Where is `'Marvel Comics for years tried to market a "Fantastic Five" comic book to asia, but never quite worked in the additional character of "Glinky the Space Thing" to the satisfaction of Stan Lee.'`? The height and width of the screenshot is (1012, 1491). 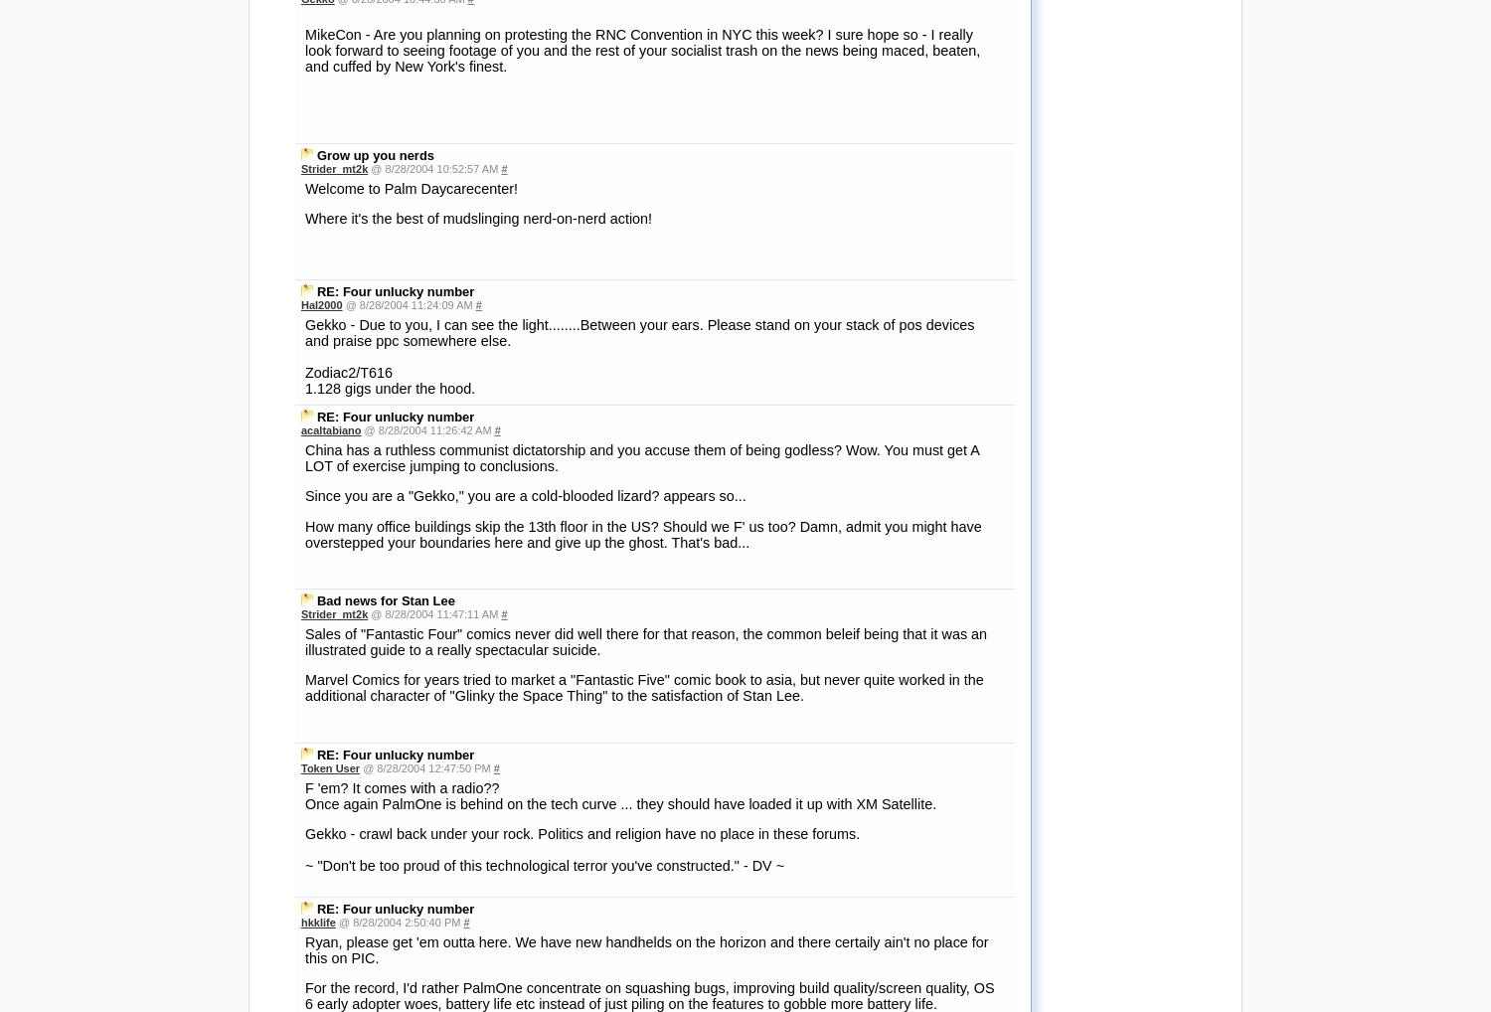 'Marvel Comics for years tried to market a "Fantastic Five" comic book to asia, but never quite worked in the additional character of "Glinky the Space Thing" to the satisfaction of Stan Lee.' is located at coordinates (644, 688).